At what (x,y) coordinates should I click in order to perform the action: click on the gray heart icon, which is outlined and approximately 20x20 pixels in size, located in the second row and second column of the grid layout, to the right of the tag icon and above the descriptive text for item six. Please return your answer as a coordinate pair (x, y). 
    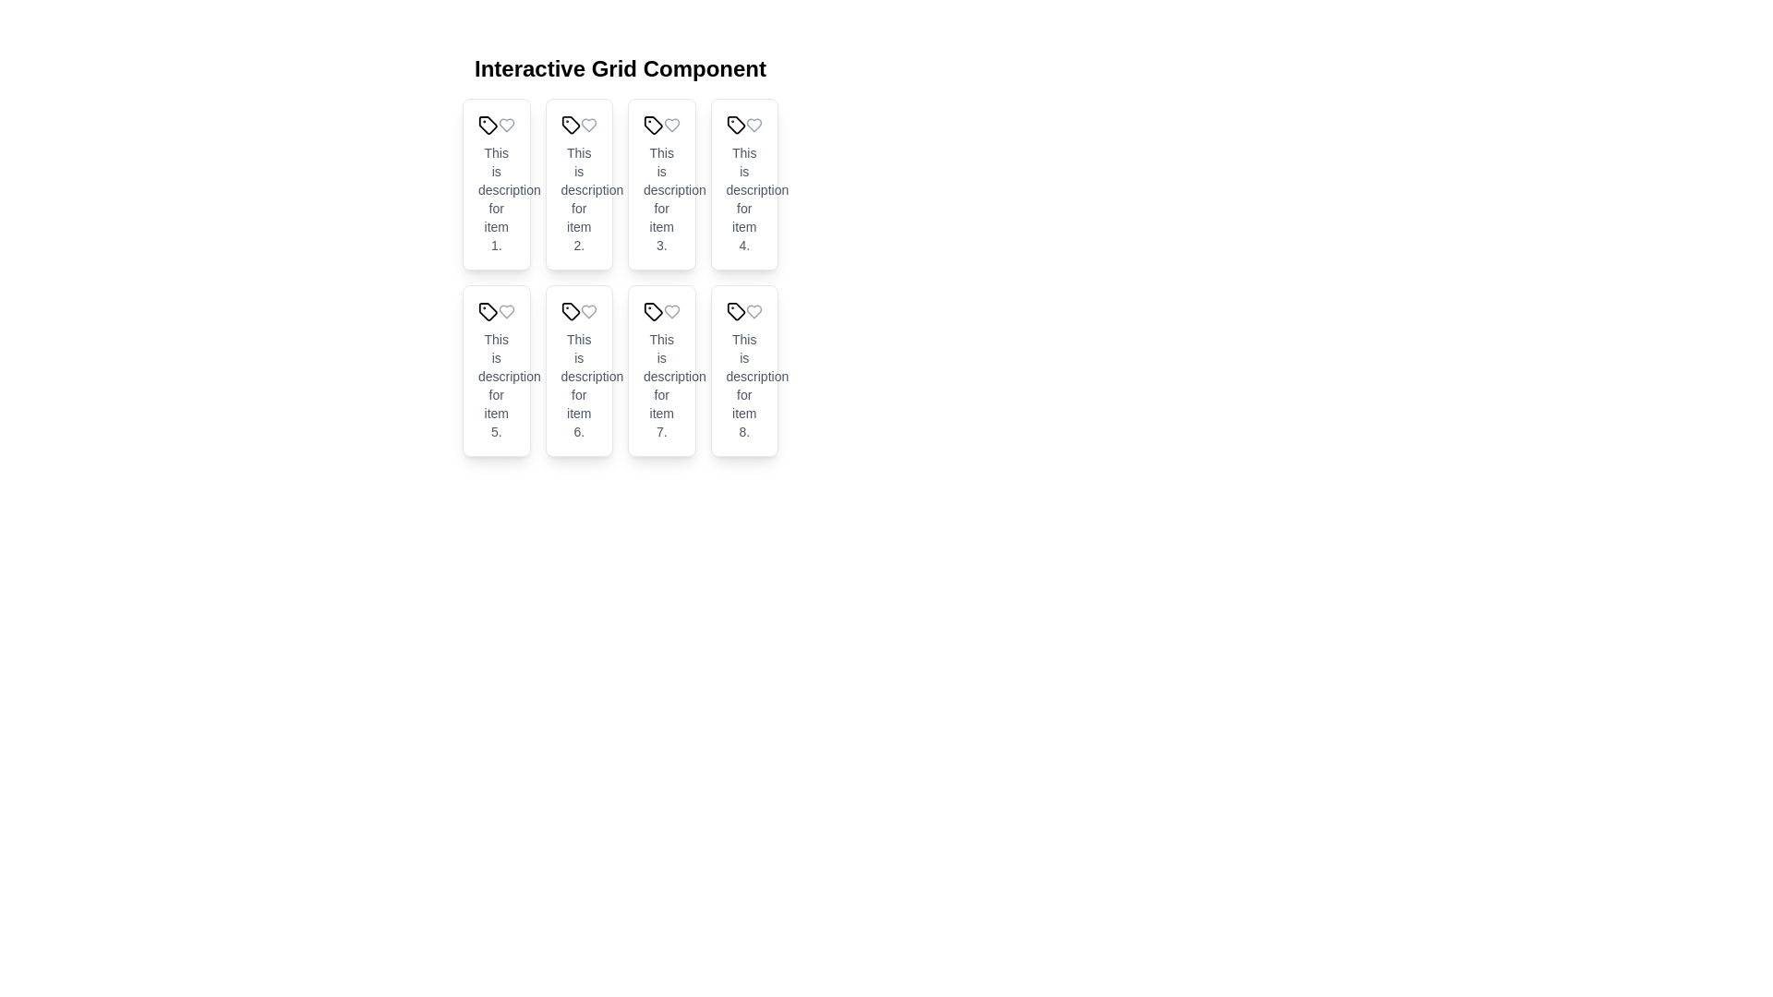
    Looking at the image, I should click on (588, 311).